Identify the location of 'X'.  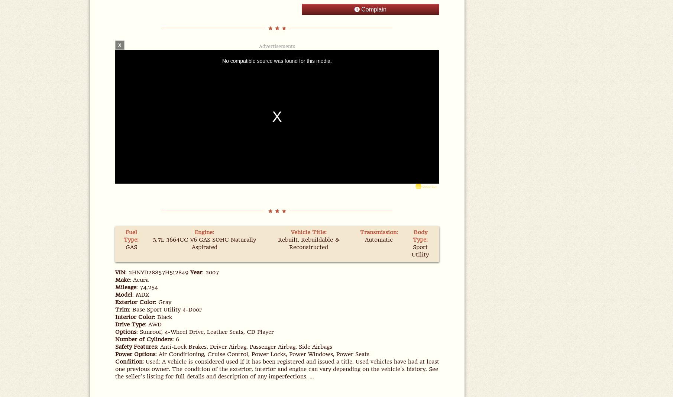
(119, 44).